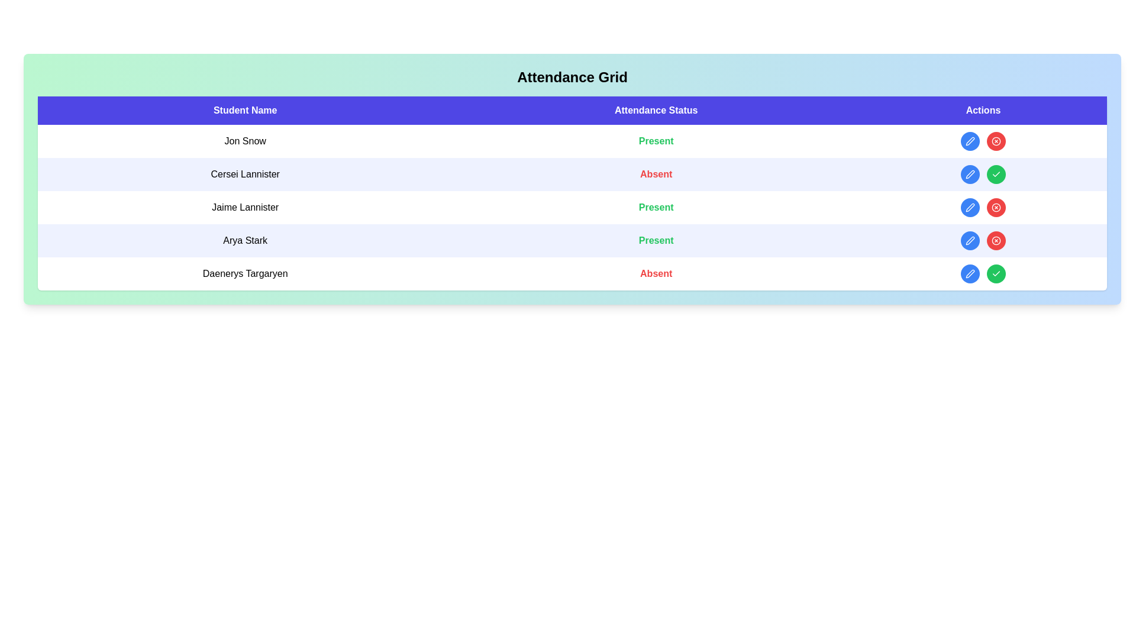 Image resolution: width=1136 pixels, height=639 pixels. Describe the element at coordinates (970, 273) in the screenshot. I see `edit button for the student identified by Daenerys Targaryen` at that location.